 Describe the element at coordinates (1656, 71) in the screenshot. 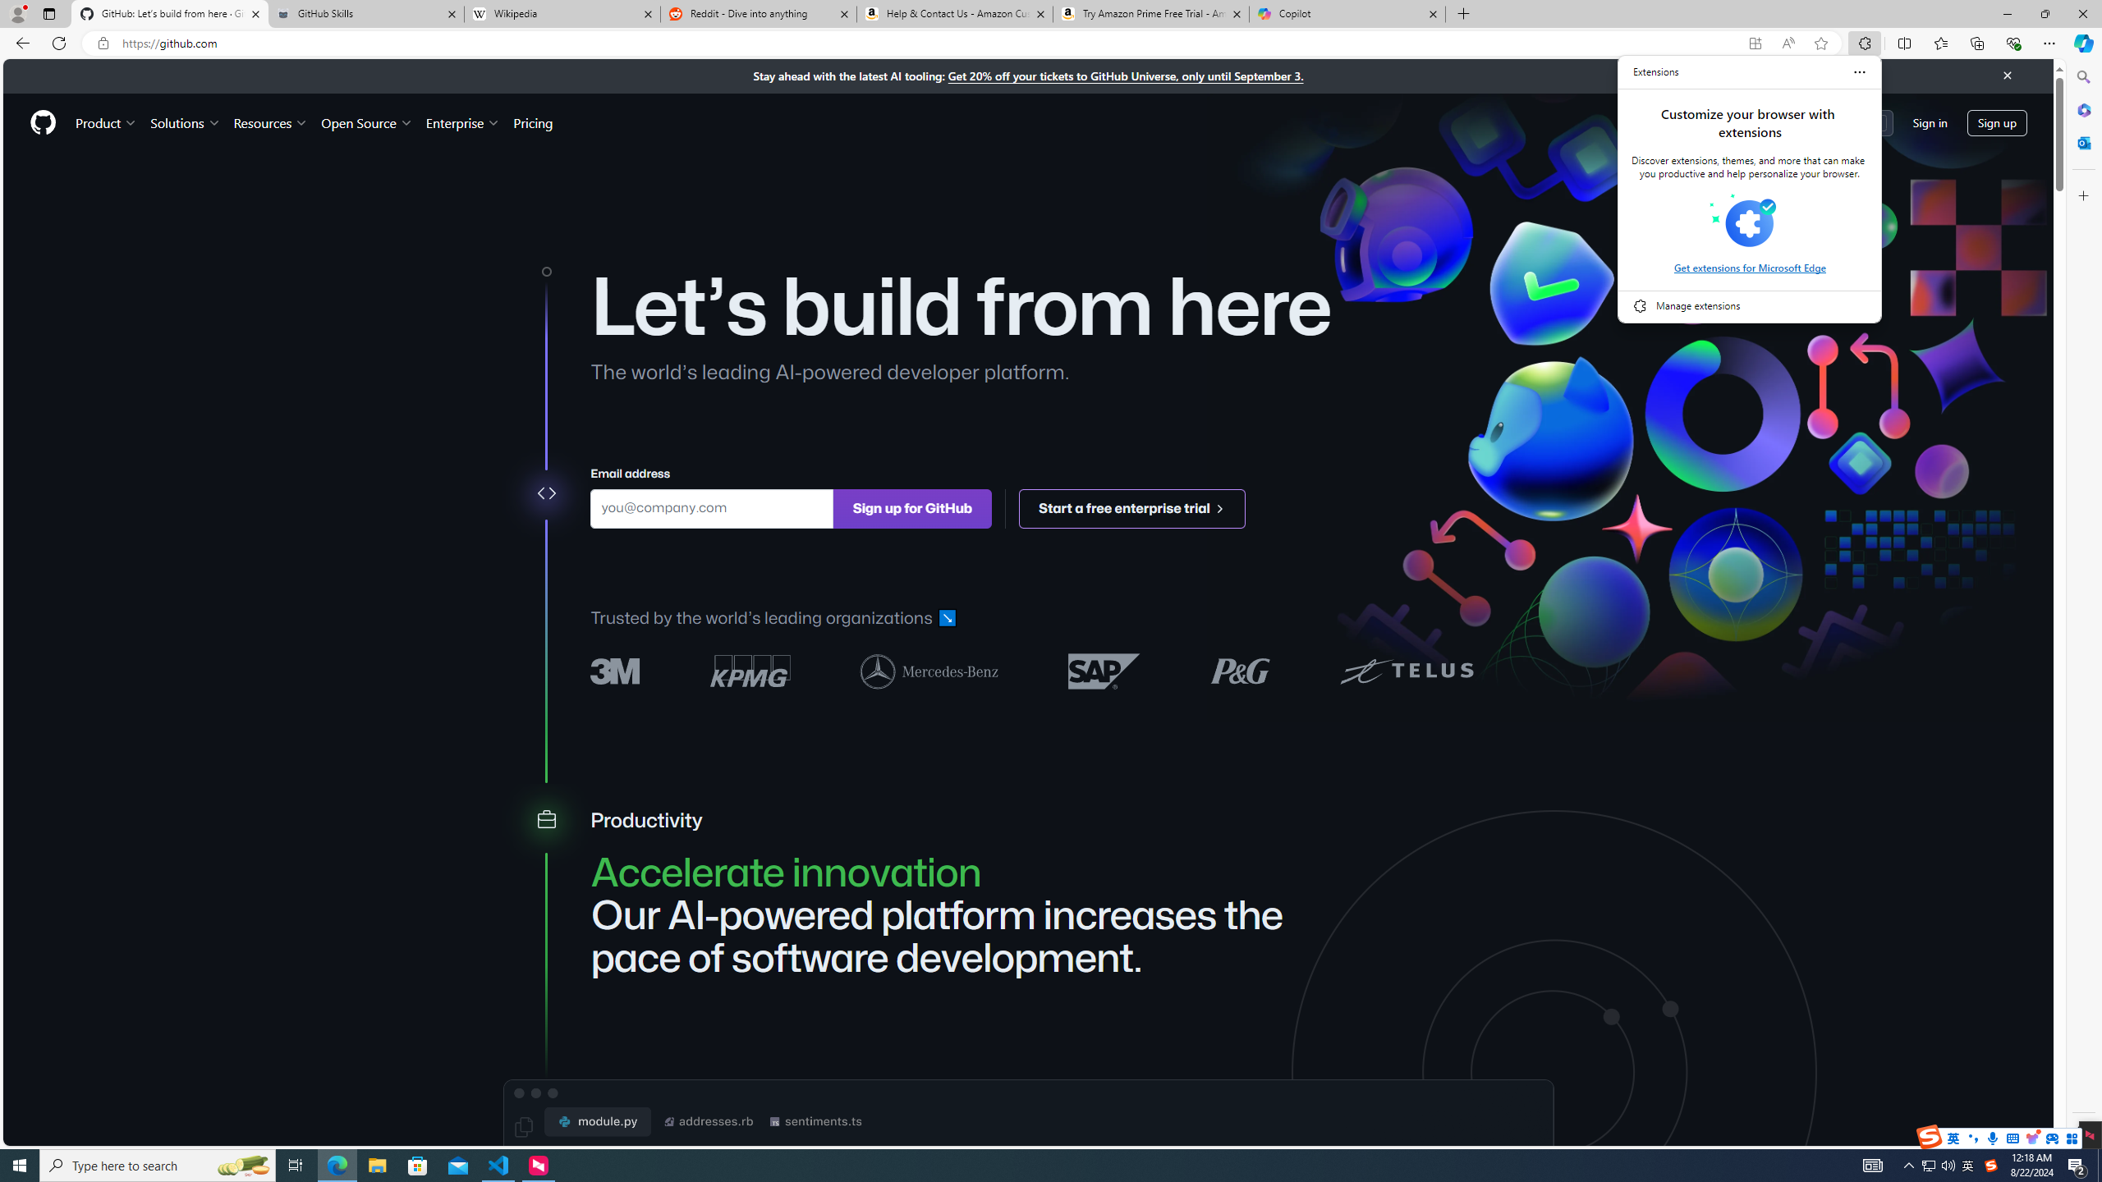

I see `'Extensions'` at that location.